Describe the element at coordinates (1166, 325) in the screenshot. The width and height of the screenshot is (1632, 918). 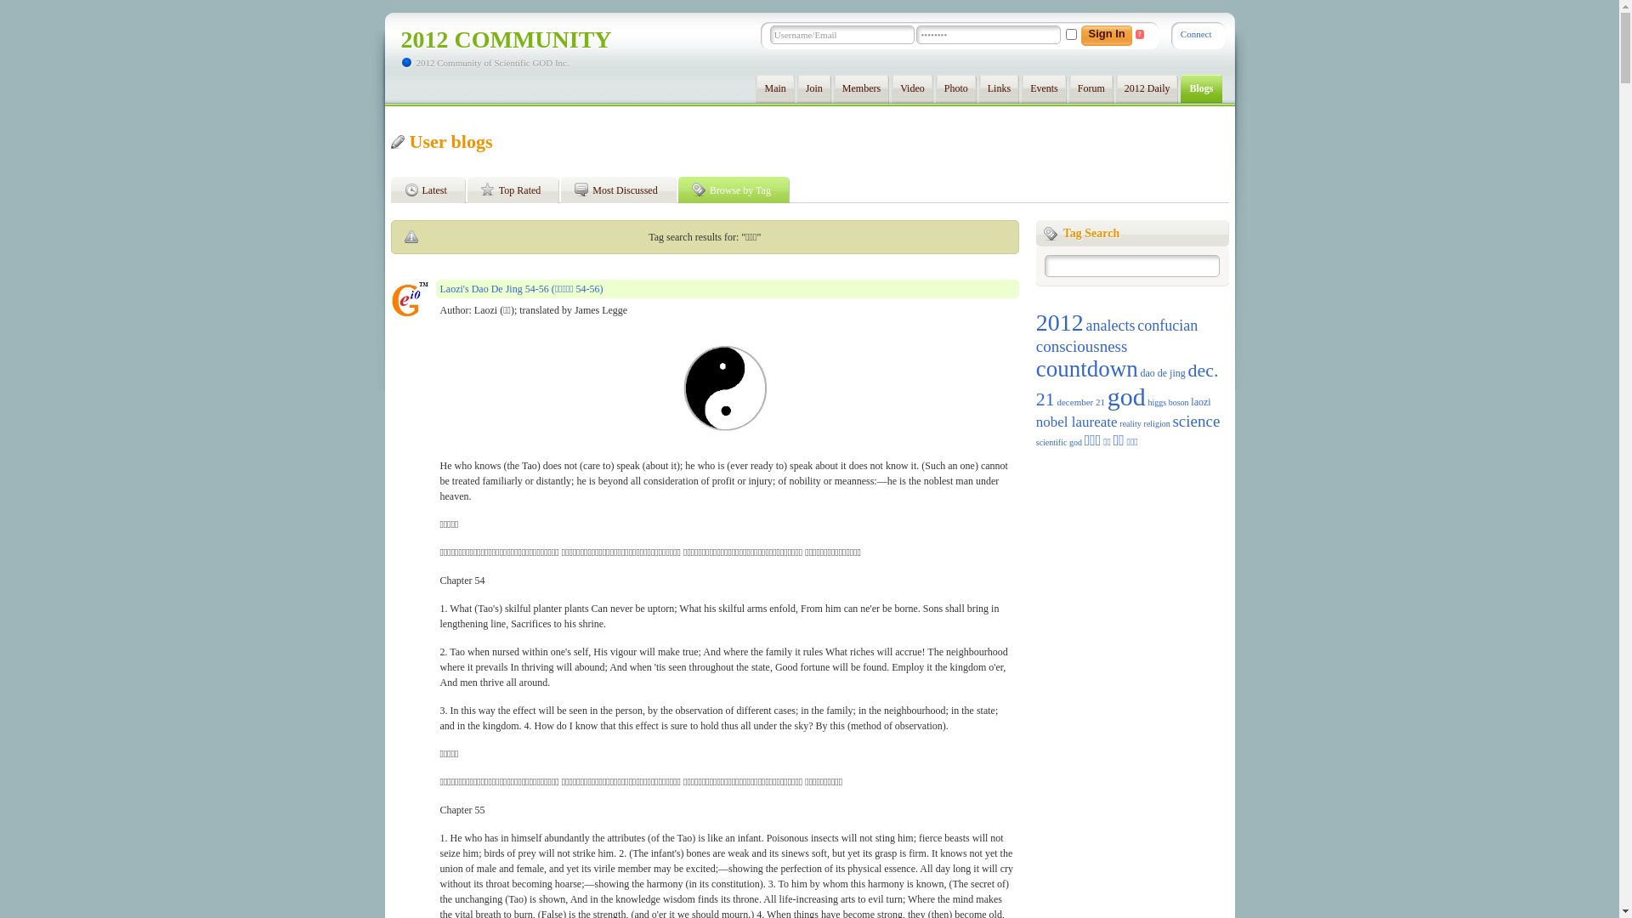
I see `'confucian'` at that location.